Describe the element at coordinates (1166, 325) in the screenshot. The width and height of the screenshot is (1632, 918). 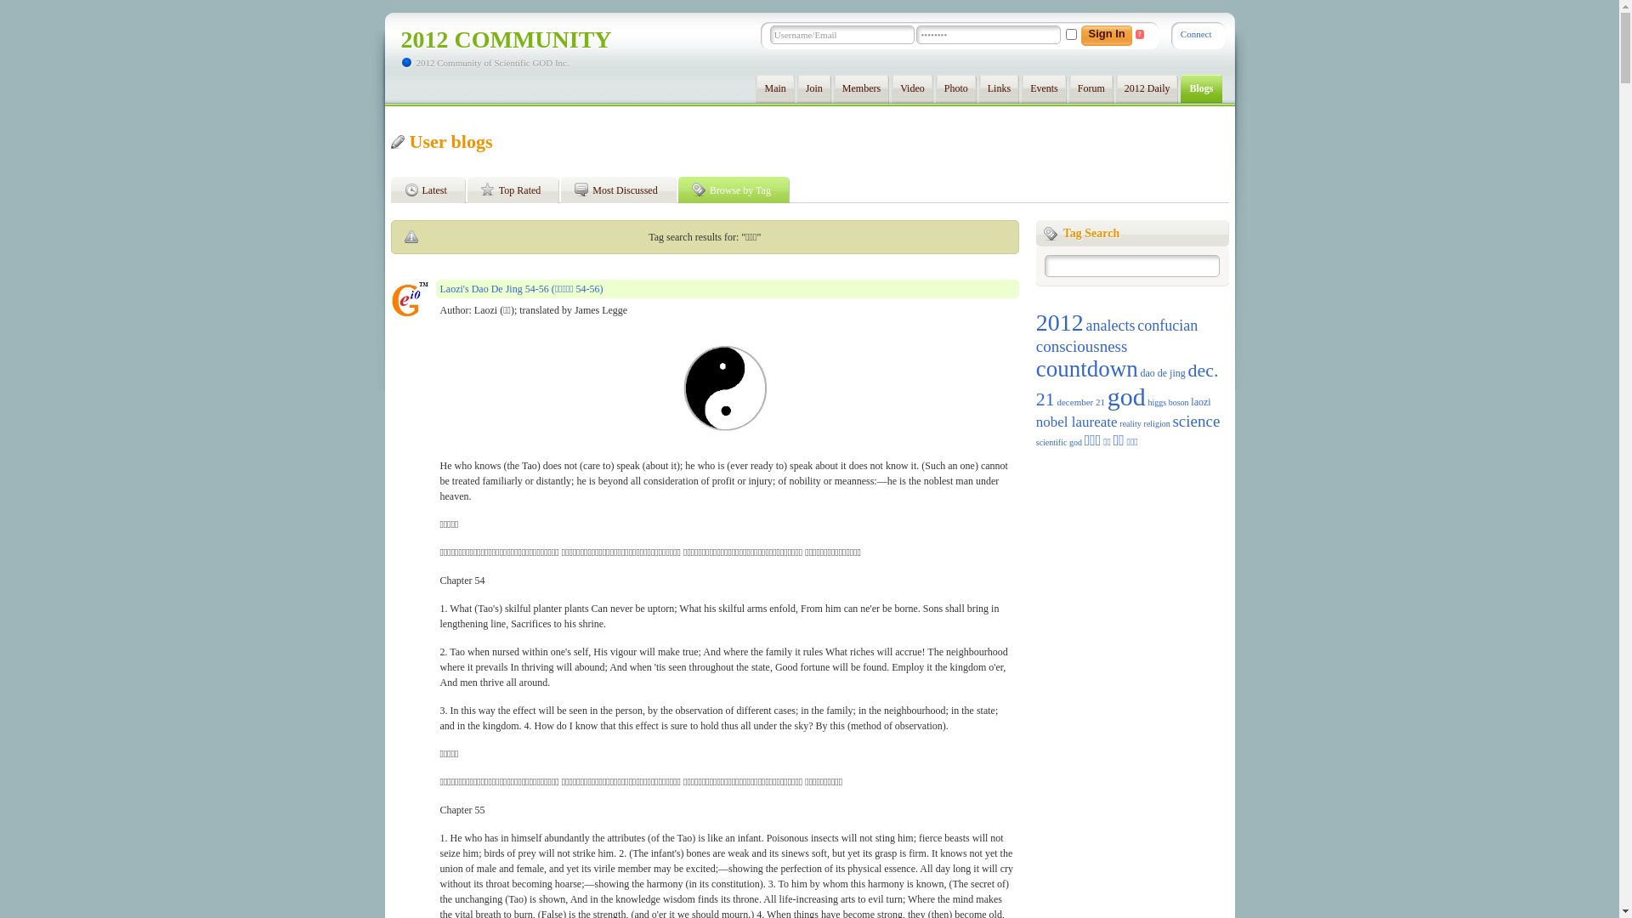
I see `'confucian'` at that location.